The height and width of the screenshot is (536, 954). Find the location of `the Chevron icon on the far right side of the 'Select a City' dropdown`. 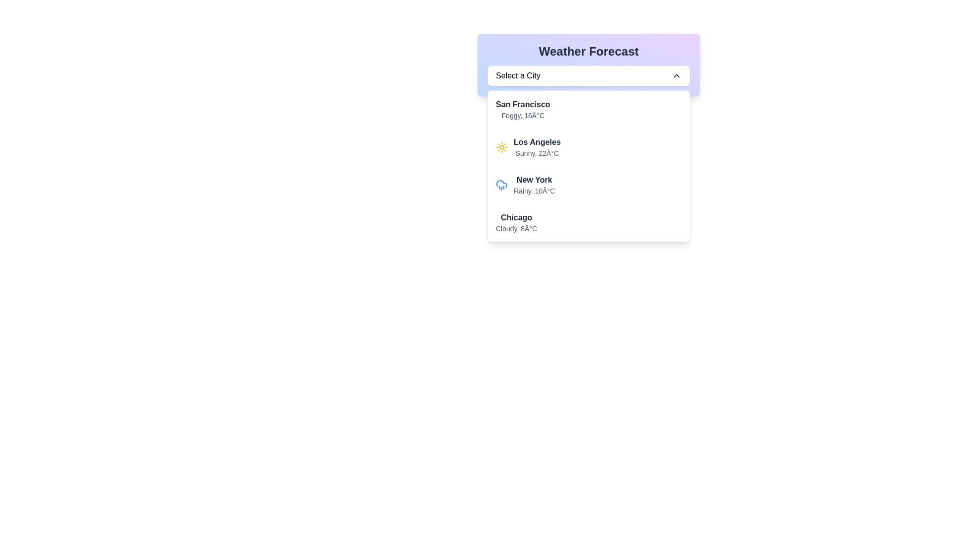

the Chevron icon on the far right side of the 'Select a City' dropdown is located at coordinates (676, 75).